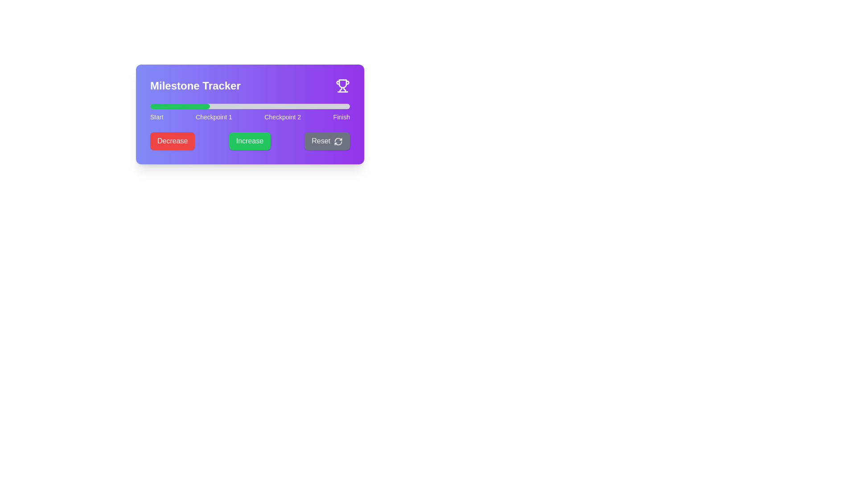 The height and width of the screenshot is (481, 856). I want to click on the progress bar of the 'Milestone Tracker' UI element, which features a green section and milestone labels, so click(250, 114).